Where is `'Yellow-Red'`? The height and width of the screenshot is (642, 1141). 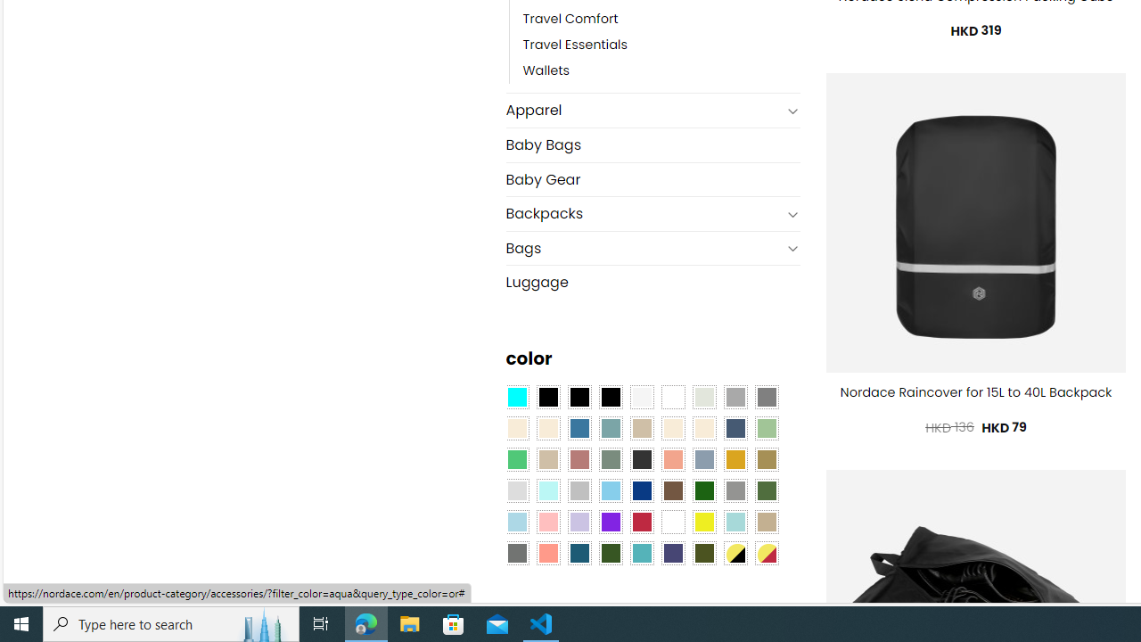
'Yellow-Red' is located at coordinates (767, 551).